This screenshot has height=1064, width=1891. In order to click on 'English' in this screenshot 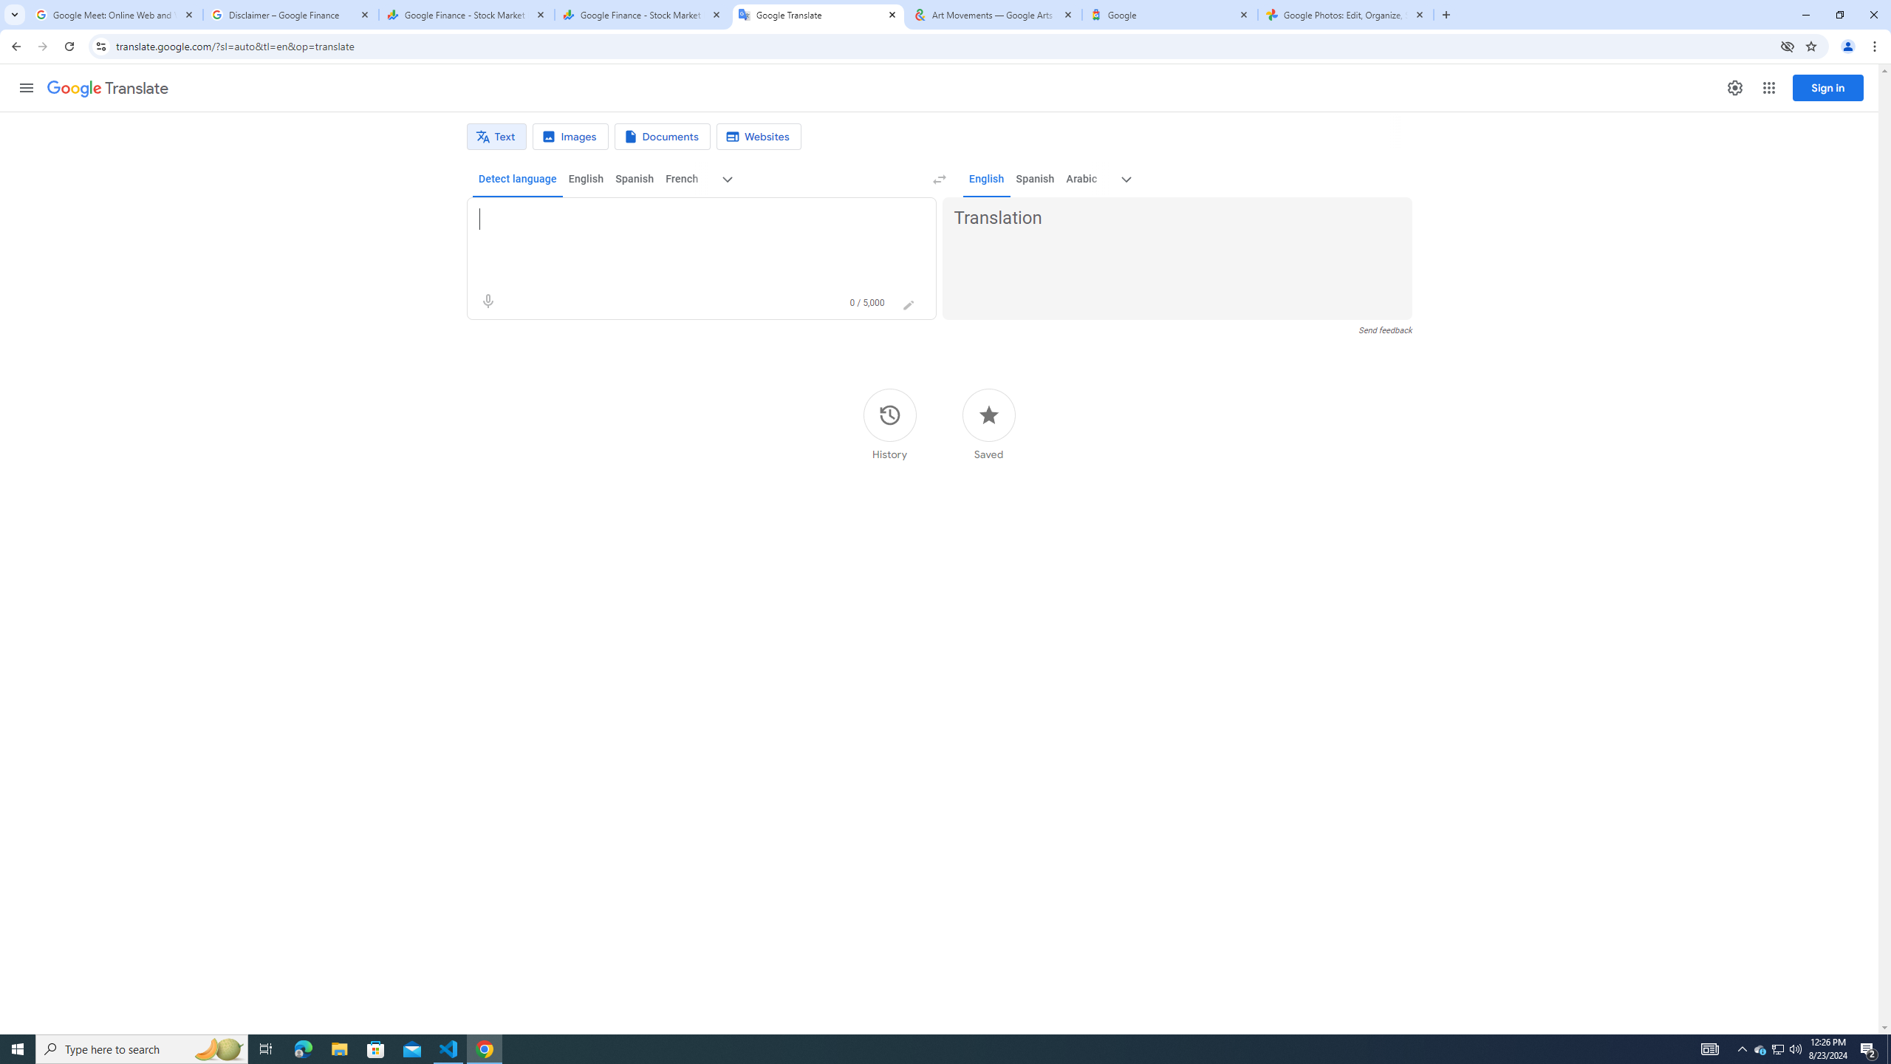, I will do `click(985, 178)`.